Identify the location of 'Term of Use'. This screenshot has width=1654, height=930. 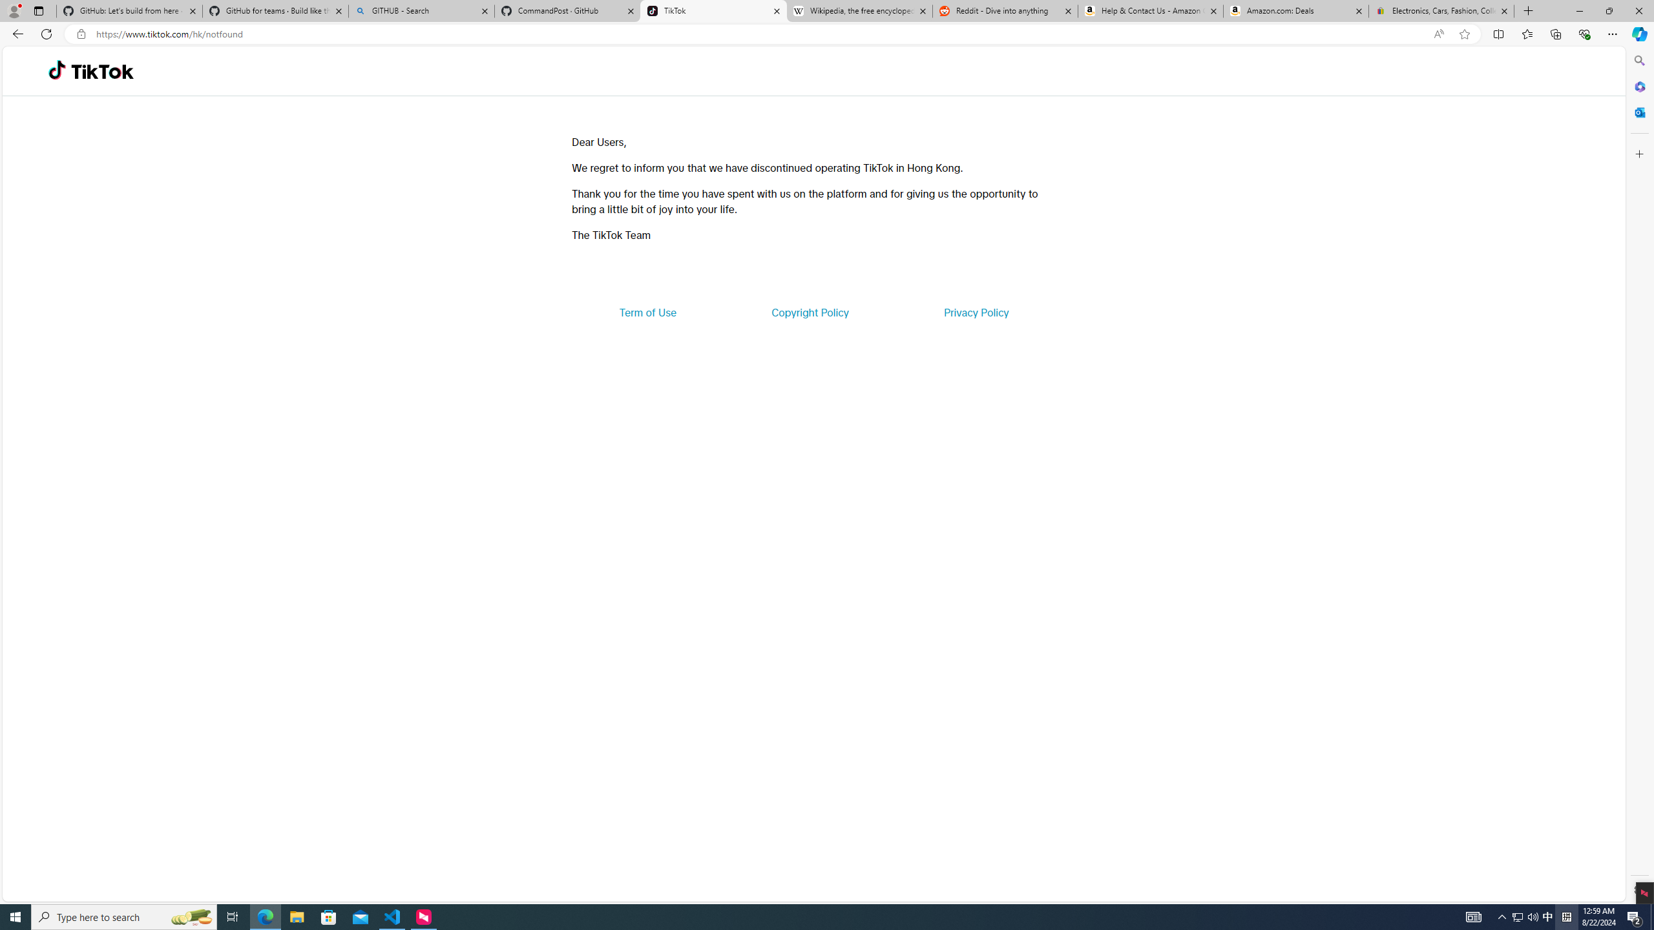
(647, 311).